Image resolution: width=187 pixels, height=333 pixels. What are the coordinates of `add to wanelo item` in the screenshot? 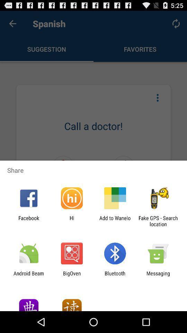 It's located at (115, 221).